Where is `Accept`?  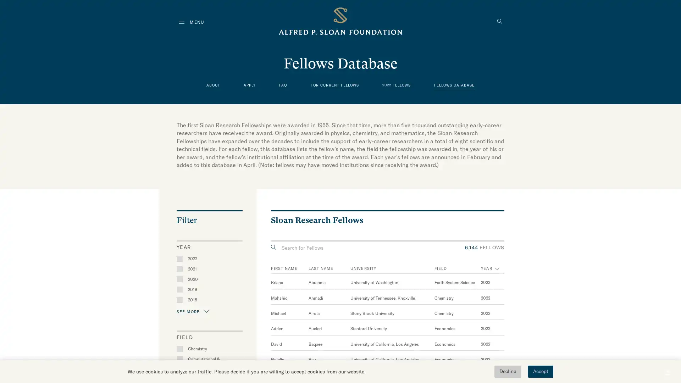 Accept is located at coordinates (540, 371).